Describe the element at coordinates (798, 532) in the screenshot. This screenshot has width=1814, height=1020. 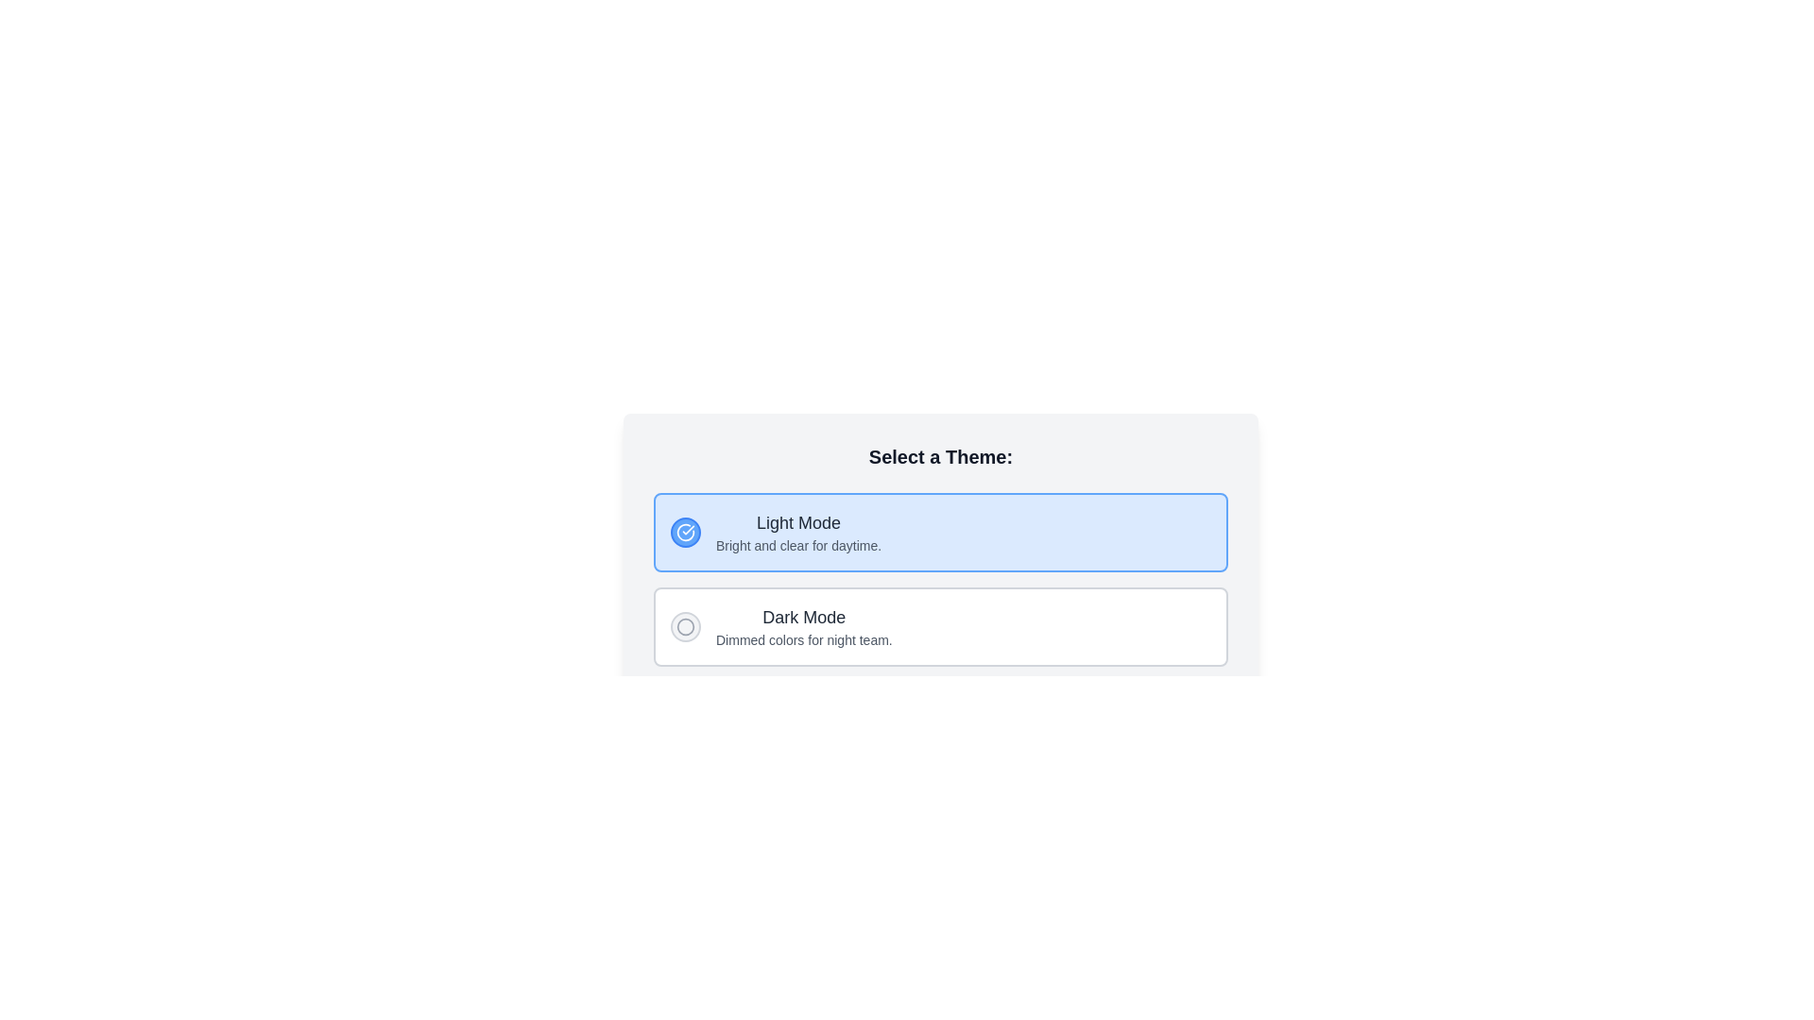
I see `the Text Label Group that serves as a title and description for the 'Light Mode' selection option, which is positioned under the 'Select a Theme' heading above the 'Dark Mode' option` at that location.